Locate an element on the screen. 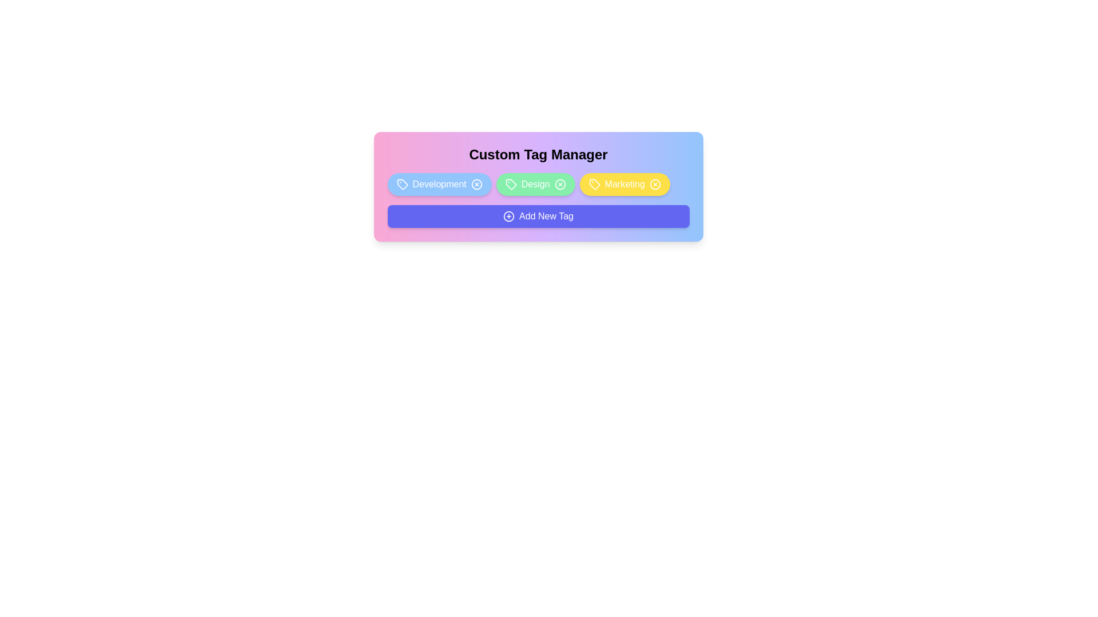 The width and height of the screenshot is (1098, 617). the 'remove' button next to the tag named Development is located at coordinates (476, 184).